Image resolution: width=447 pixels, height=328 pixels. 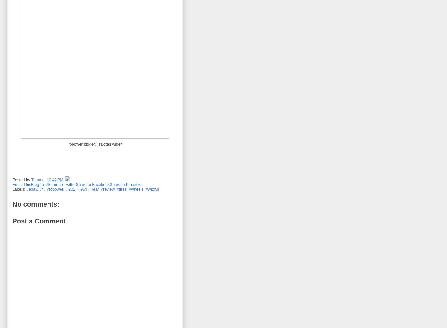 What do you see at coordinates (121, 189) in the screenshot?
I see `'#tires'` at bounding box center [121, 189].